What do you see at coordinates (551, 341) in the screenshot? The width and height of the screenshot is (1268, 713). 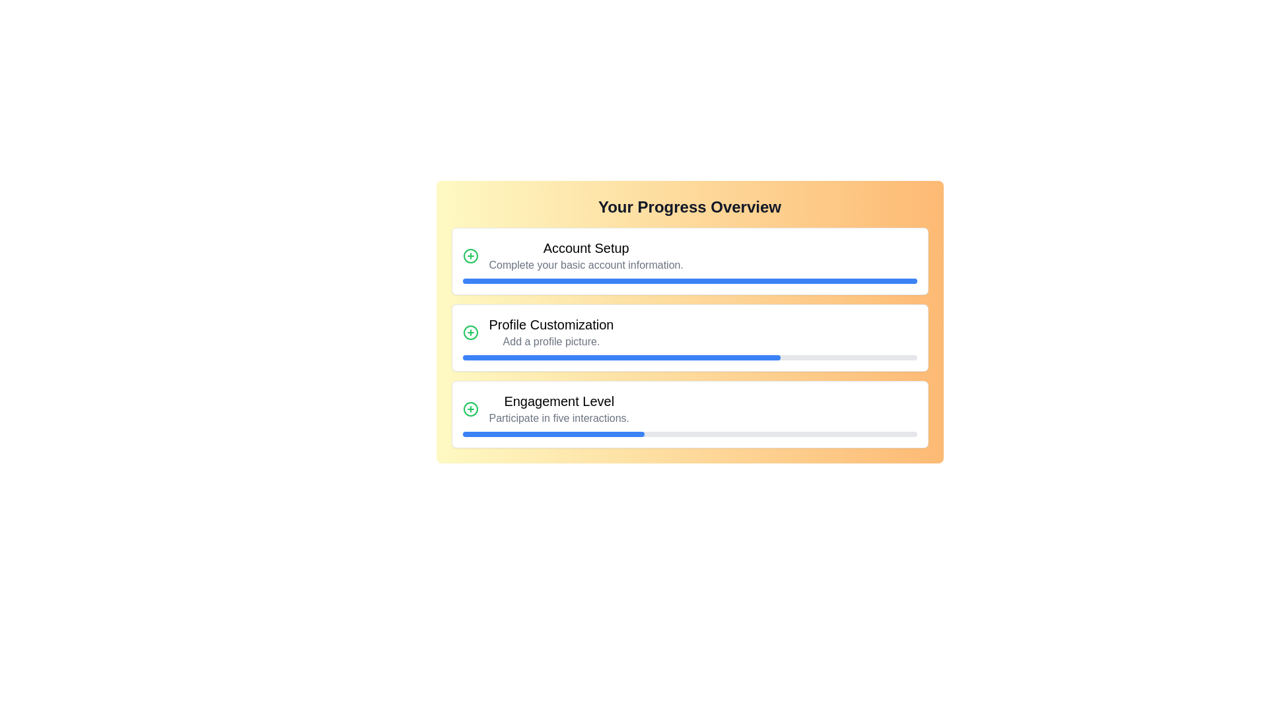 I see `informational text label displaying 'Add a profile picture.' located below the heading 'Profile Customization' in the progress overview interface` at bounding box center [551, 341].